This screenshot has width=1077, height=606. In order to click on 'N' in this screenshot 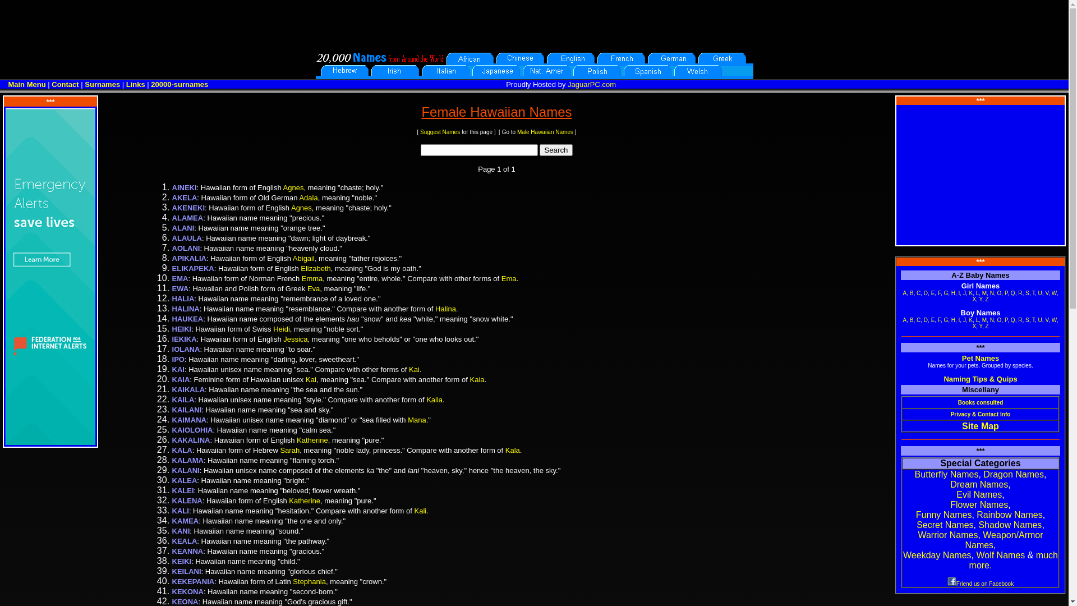, I will do `click(992, 292)`.